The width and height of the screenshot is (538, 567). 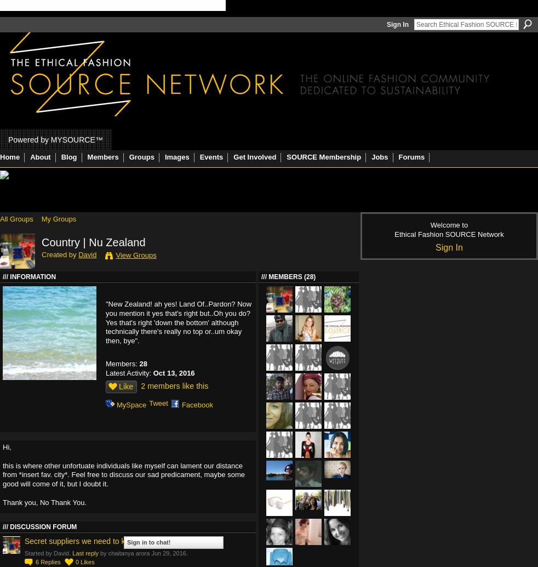 I want to click on 'Members', so click(x=102, y=156).